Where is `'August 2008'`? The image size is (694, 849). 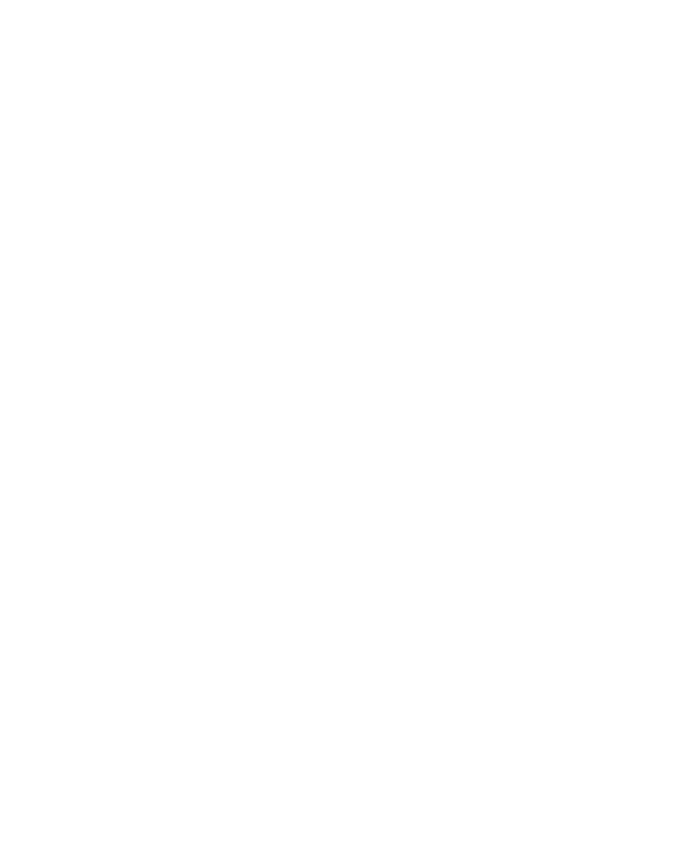 'August 2008' is located at coordinates (109, 683).